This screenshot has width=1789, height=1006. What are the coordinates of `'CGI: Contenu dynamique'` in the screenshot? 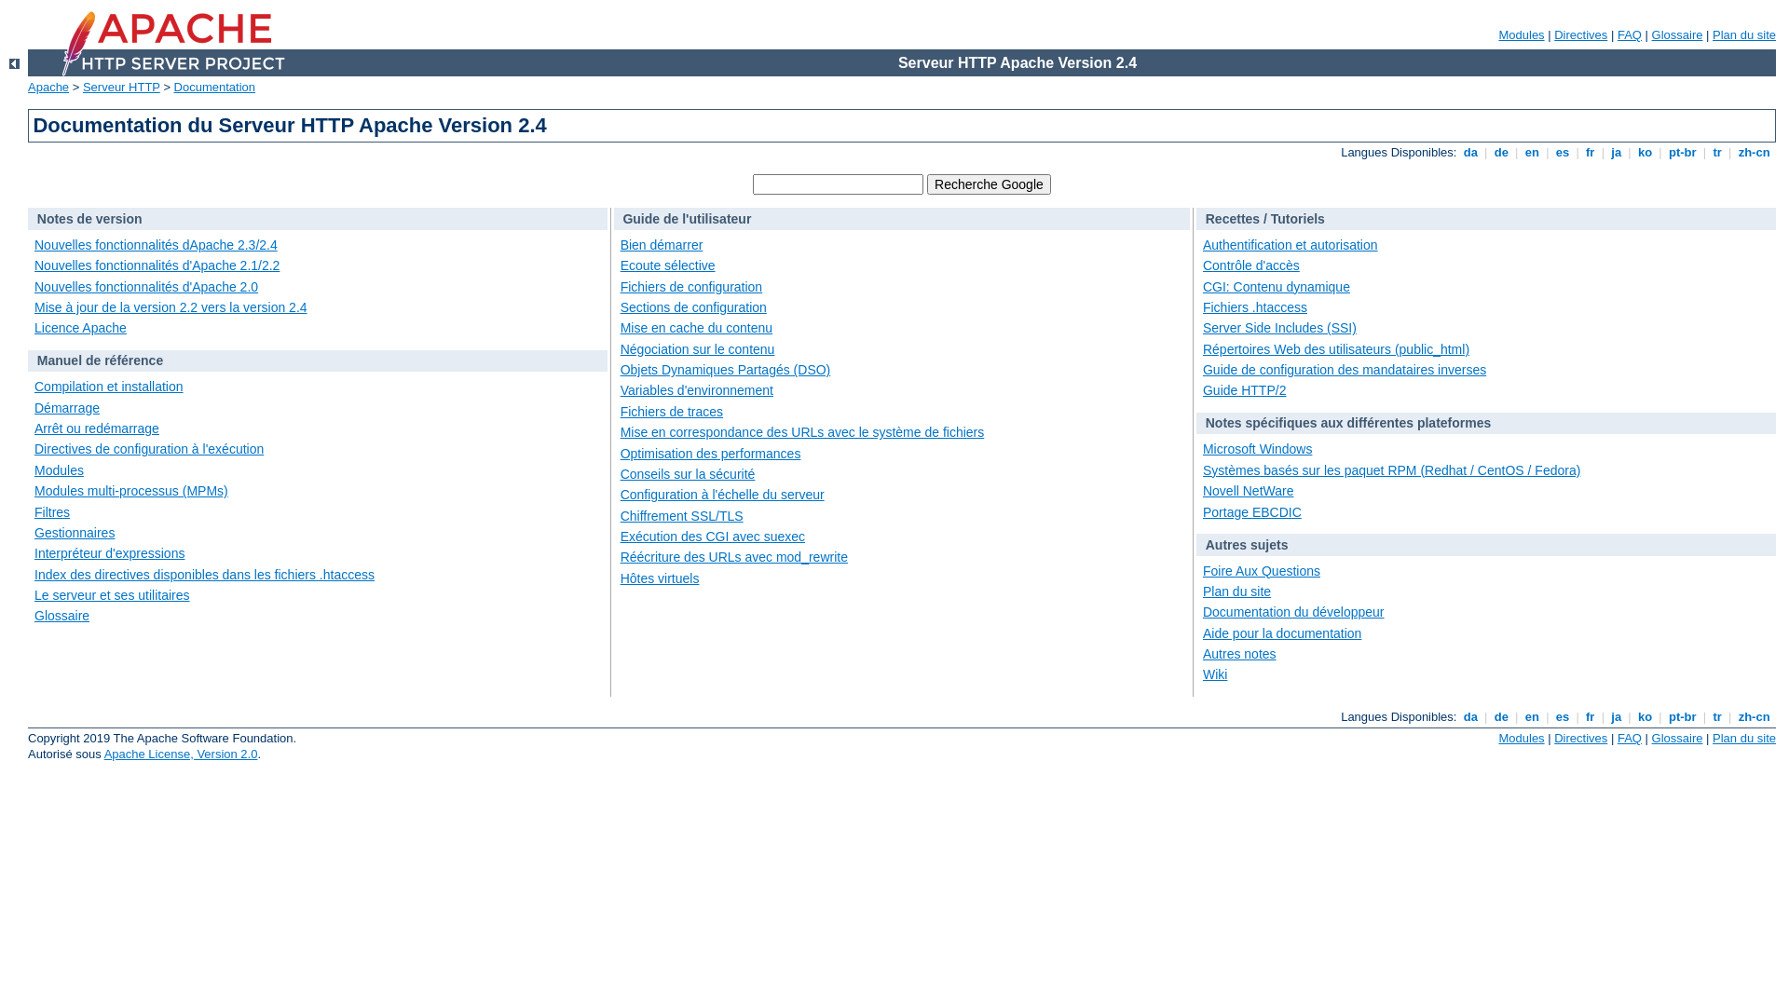 It's located at (1203, 287).